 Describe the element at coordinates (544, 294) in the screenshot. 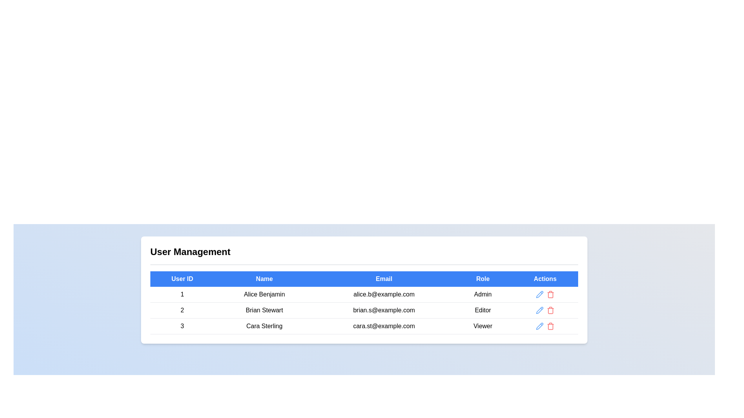

I see `the red 'Delete' button icon in the interactive control group located in the 'Actions' column for the first user row in the table` at that location.